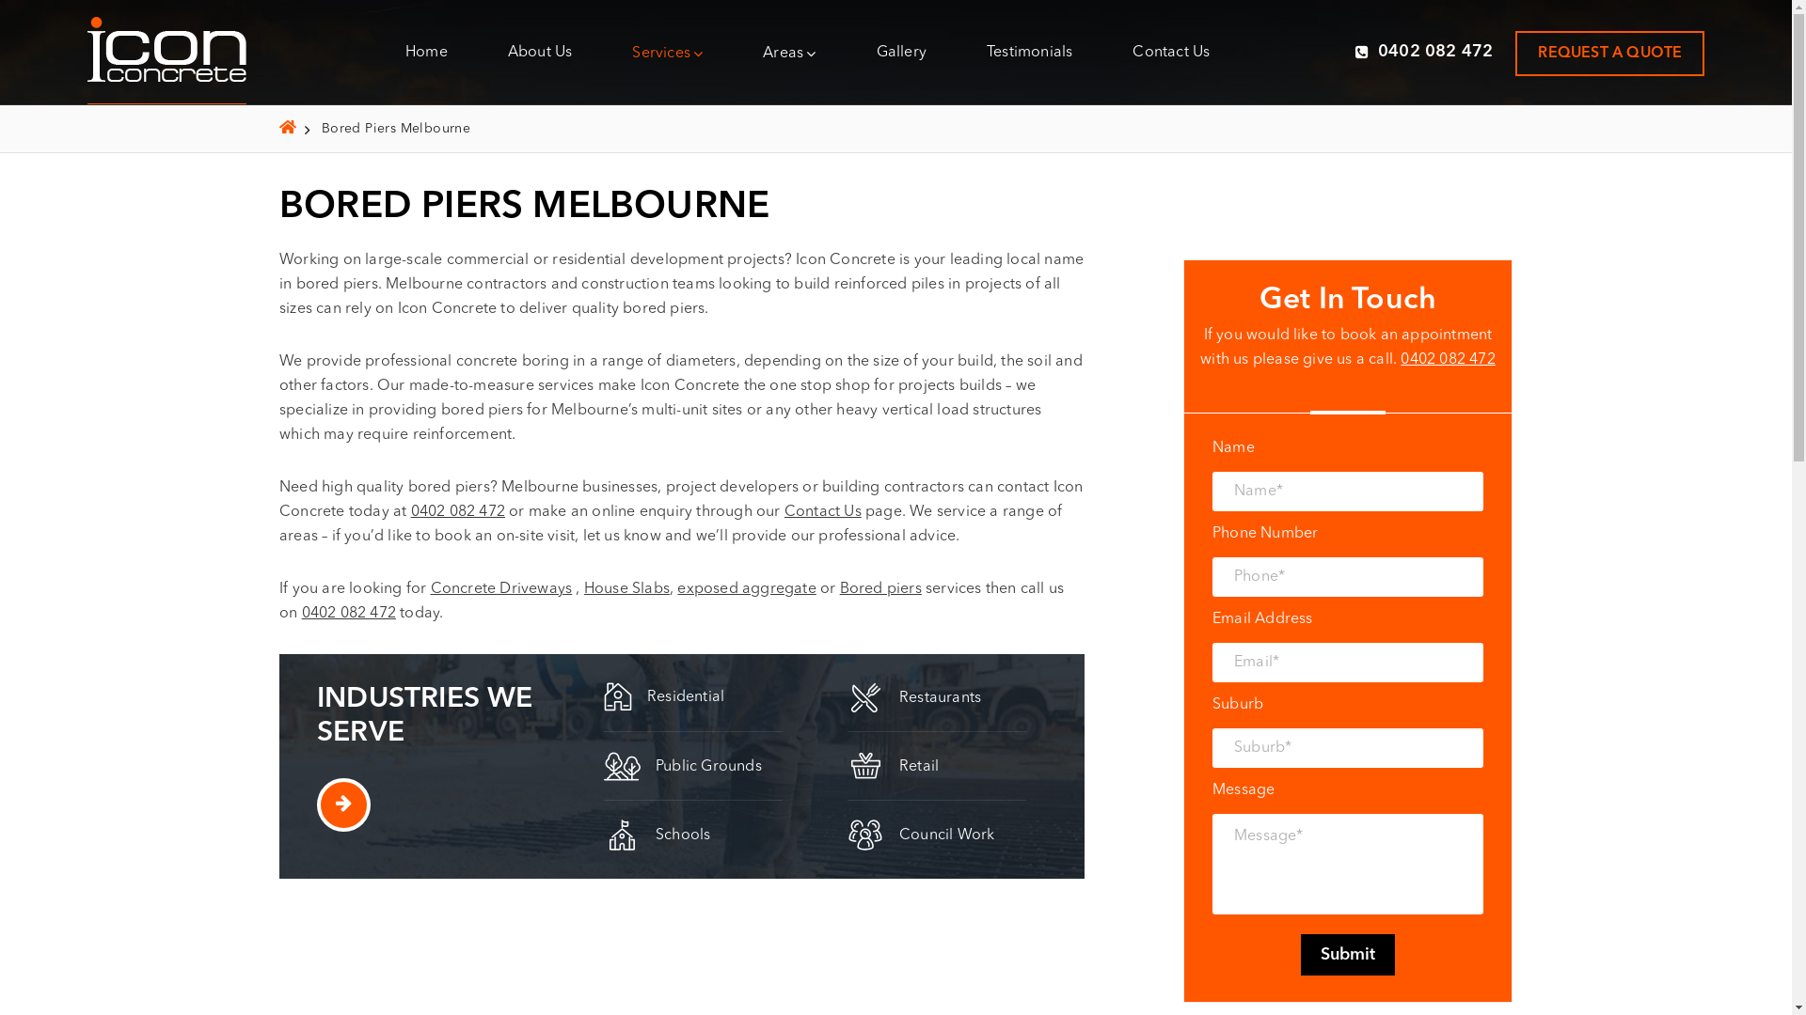 This screenshot has width=1806, height=1015. Describe the element at coordinates (1424, 50) in the screenshot. I see `'0402 082 472'` at that location.